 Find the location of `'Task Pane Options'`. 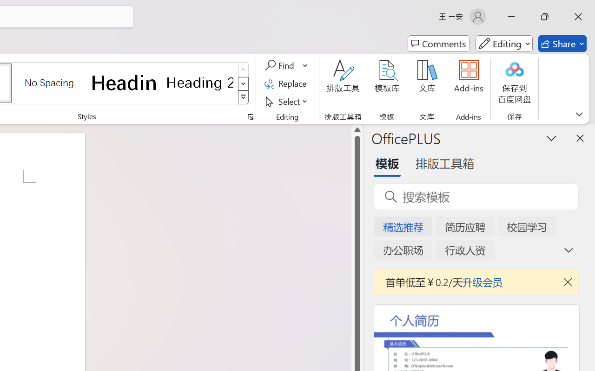

'Task Pane Options' is located at coordinates (552, 138).